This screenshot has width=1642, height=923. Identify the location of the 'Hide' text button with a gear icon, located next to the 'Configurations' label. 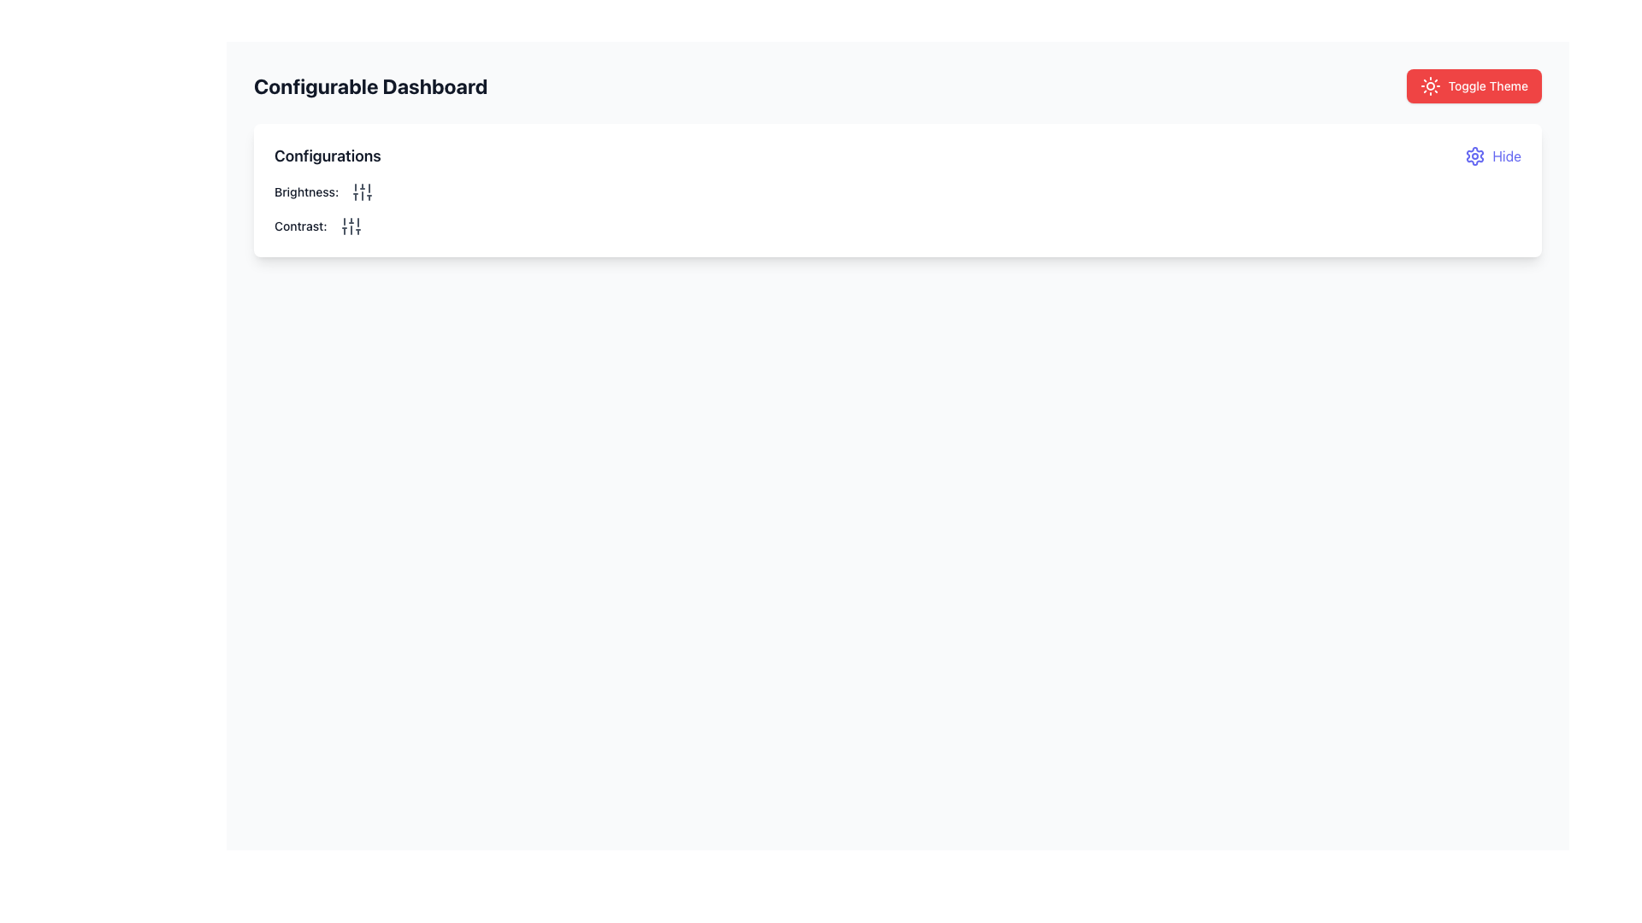
(1492, 156).